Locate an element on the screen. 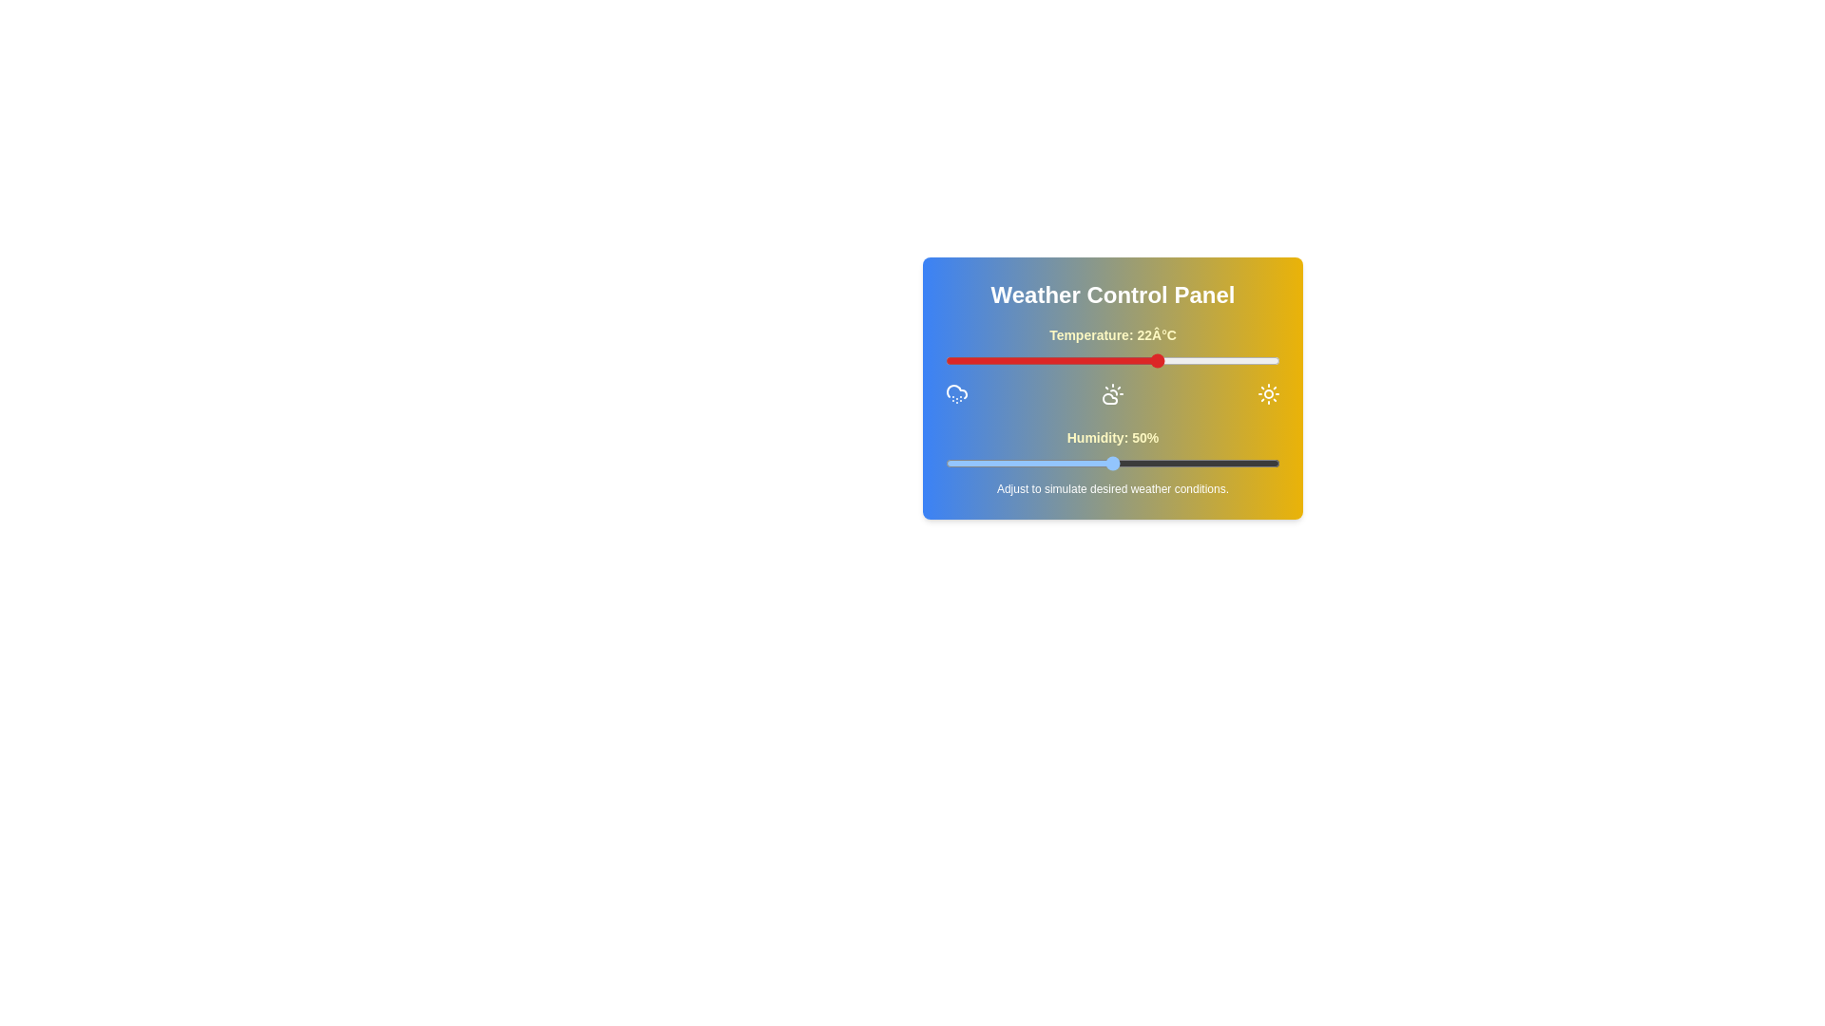 The height and width of the screenshot is (1026, 1825). temperature is located at coordinates (1246, 361).